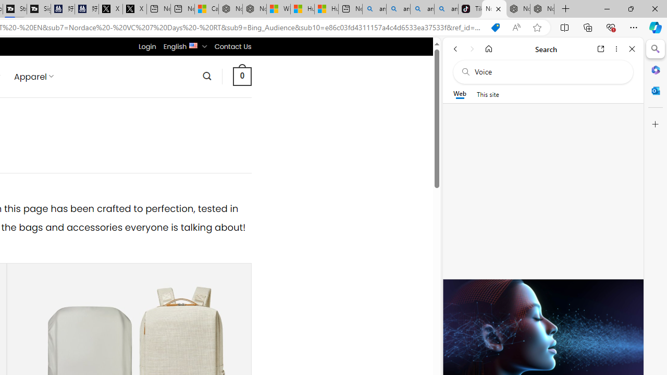 The width and height of the screenshot is (667, 375). I want to click on 'Customize', so click(655, 124).